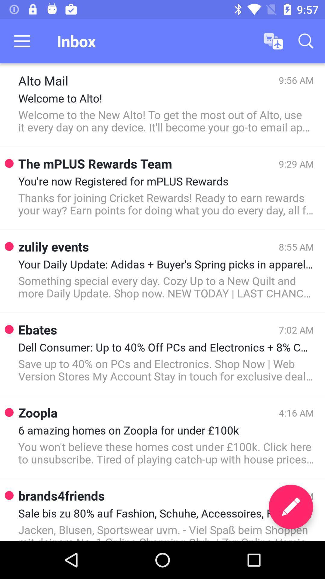  I want to click on the edit icon, so click(290, 507).